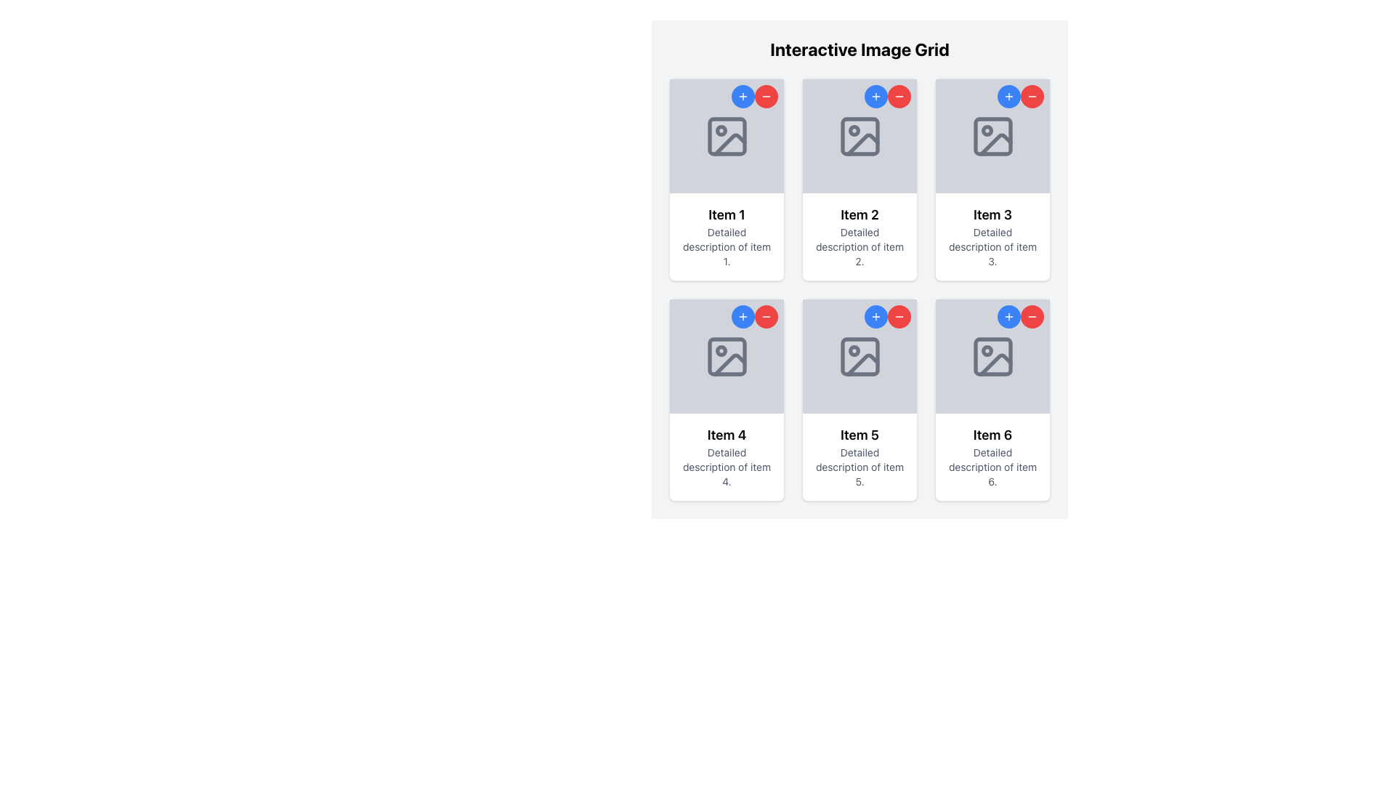  Describe the element at coordinates (743, 96) in the screenshot. I see `the small circular blue button with a white 'plus' icon located above the first item in the image grid` at that location.